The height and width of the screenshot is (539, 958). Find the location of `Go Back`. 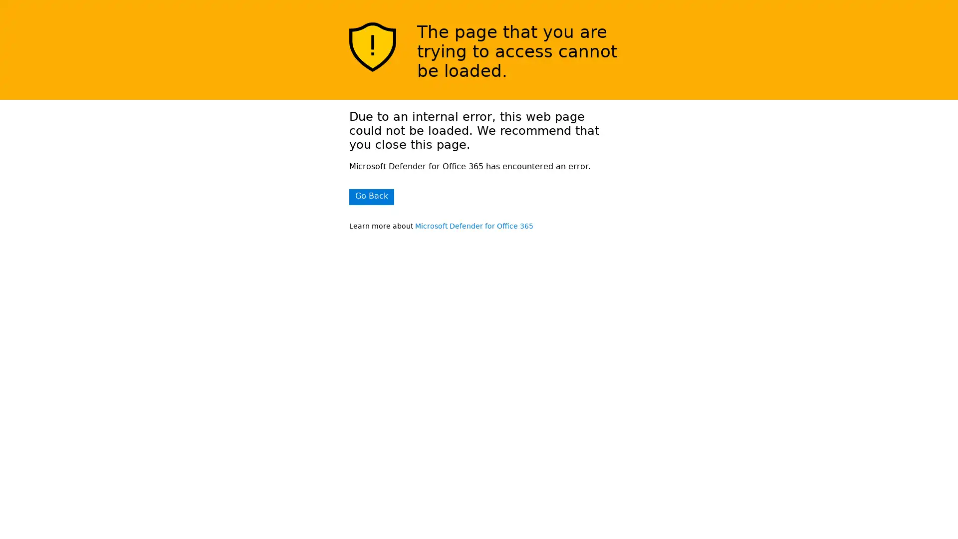

Go Back is located at coordinates (371, 196).